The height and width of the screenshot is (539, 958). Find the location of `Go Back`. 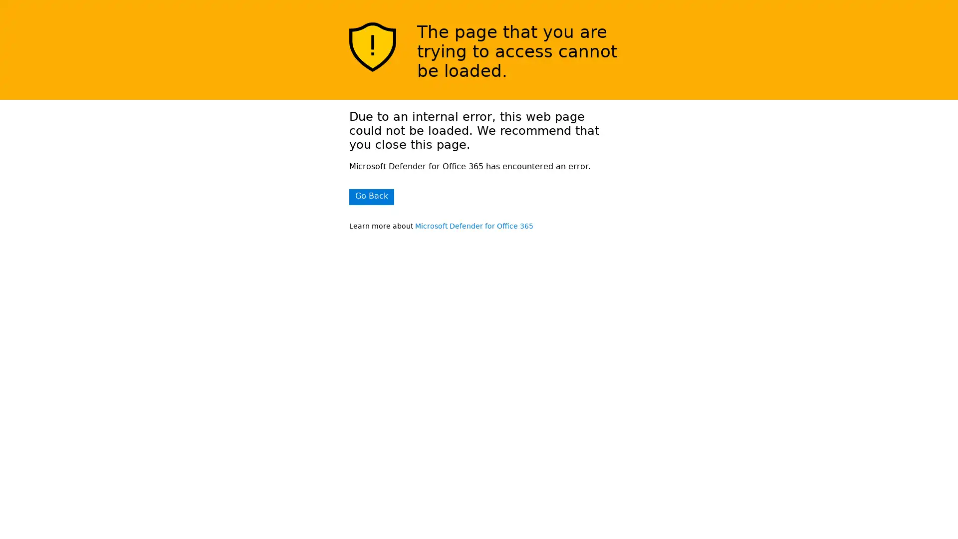

Go Back is located at coordinates (371, 196).